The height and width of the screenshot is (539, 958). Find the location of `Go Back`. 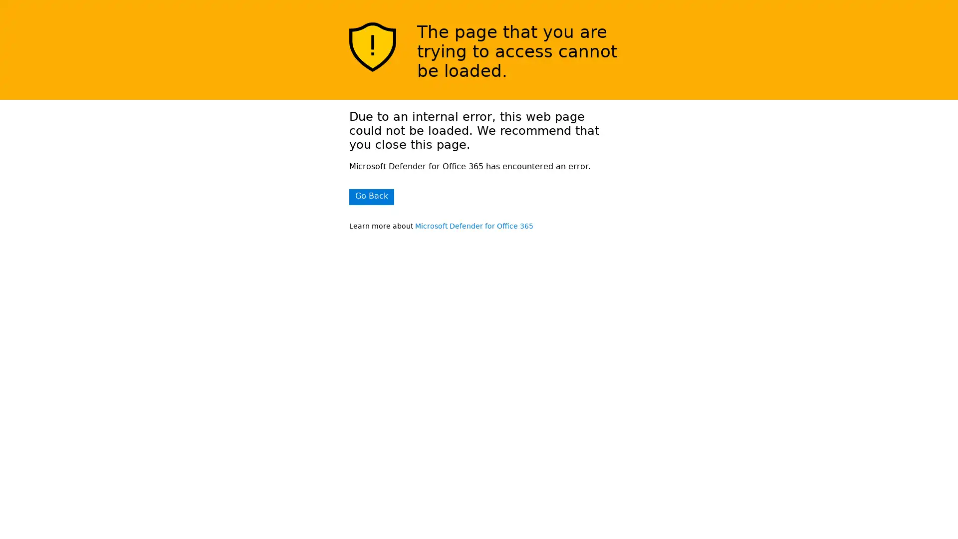

Go Back is located at coordinates (371, 196).